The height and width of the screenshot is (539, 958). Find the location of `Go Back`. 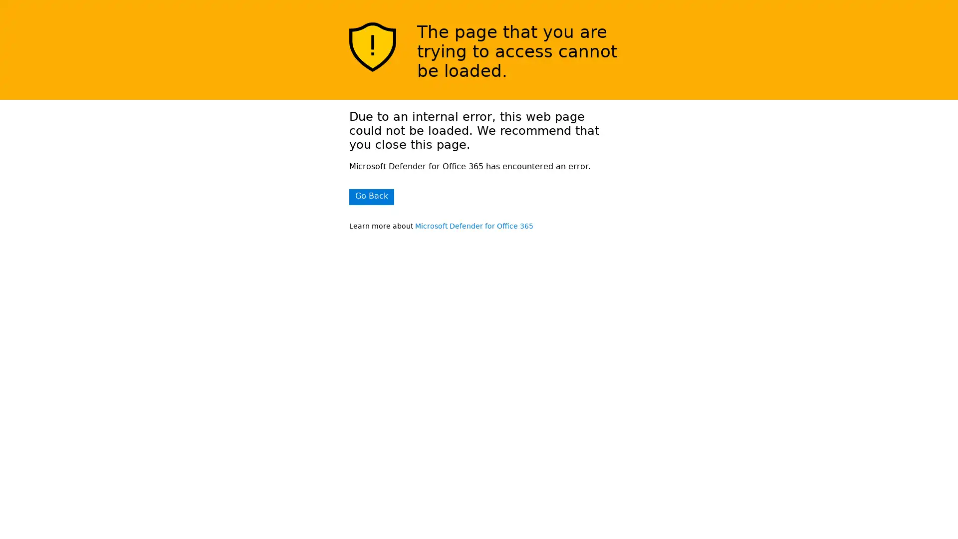

Go Back is located at coordinates (371, 196).